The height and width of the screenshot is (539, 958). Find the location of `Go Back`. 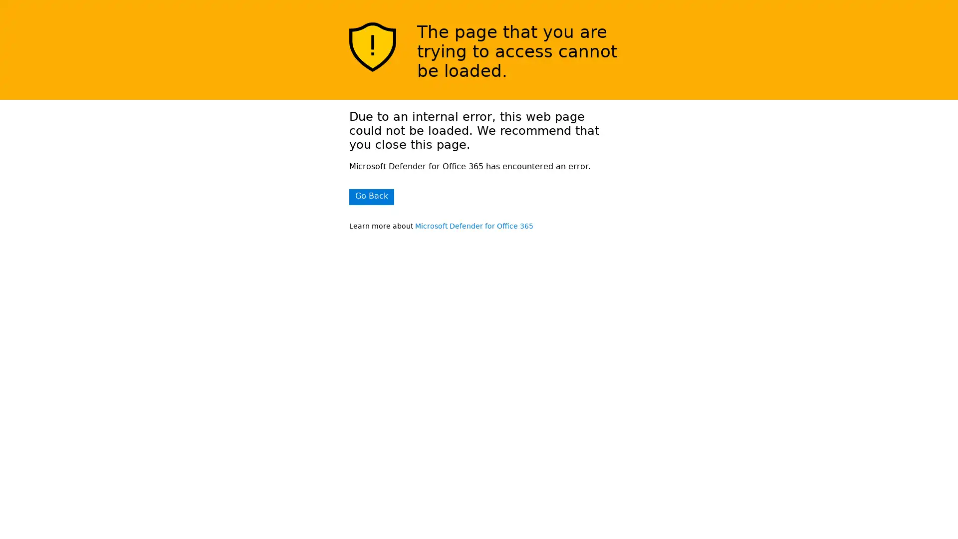

Go Back is located at coordinates (371, 196).